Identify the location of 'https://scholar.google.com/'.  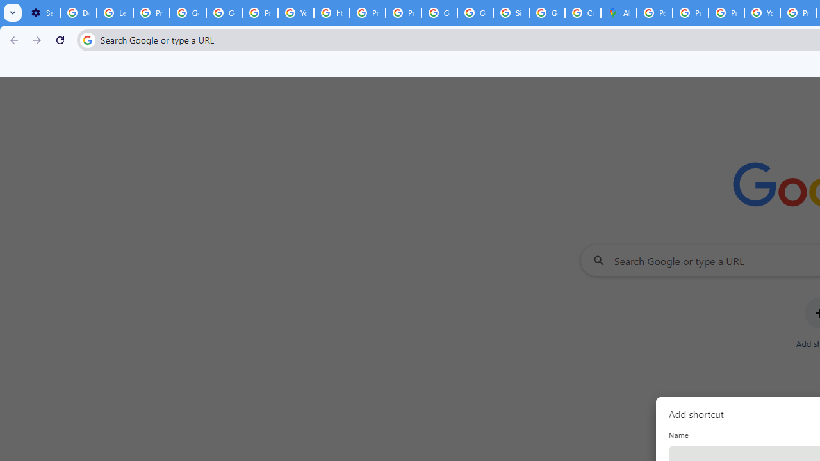
(332, 13).